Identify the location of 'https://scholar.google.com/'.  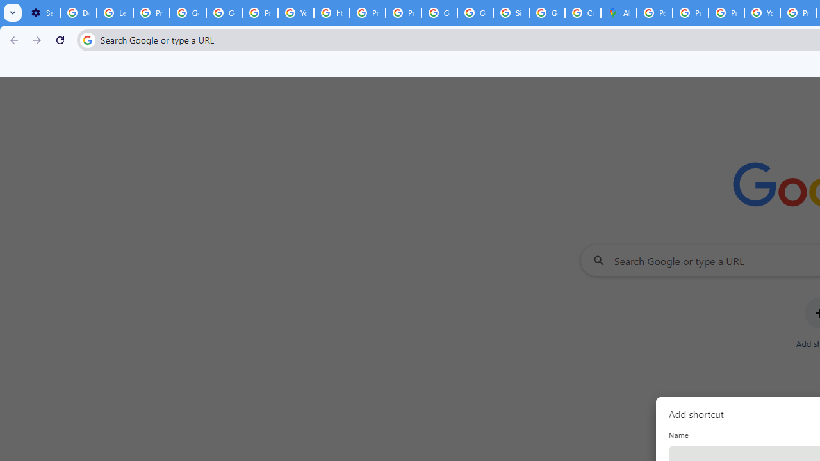
(332, 13).